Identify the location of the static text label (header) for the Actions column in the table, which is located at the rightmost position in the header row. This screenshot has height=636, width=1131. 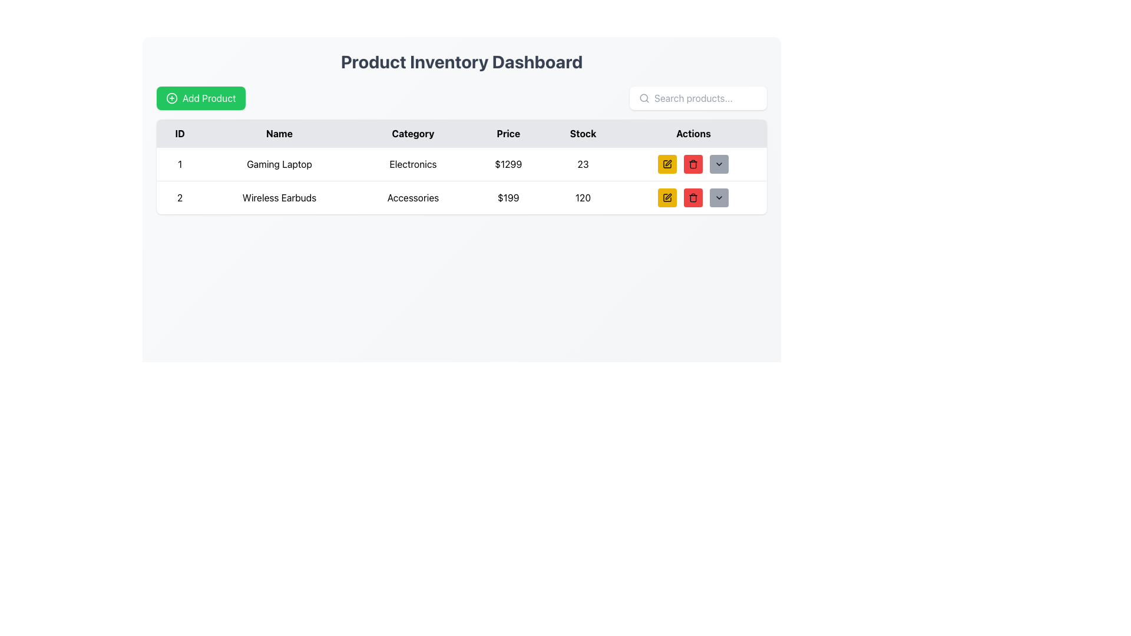
(693, 133).